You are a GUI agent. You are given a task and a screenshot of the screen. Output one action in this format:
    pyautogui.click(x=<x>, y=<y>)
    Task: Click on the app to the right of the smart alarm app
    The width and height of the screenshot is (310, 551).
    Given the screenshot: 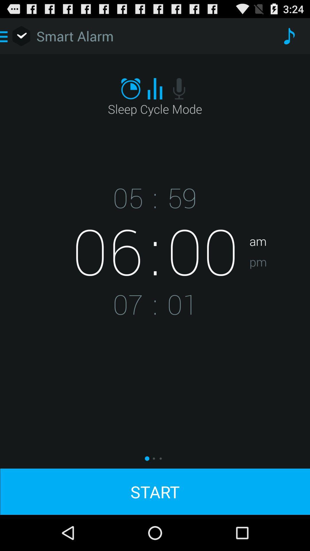 What is the action you would take?
    pyautogui.click(x=289, y=36)
    